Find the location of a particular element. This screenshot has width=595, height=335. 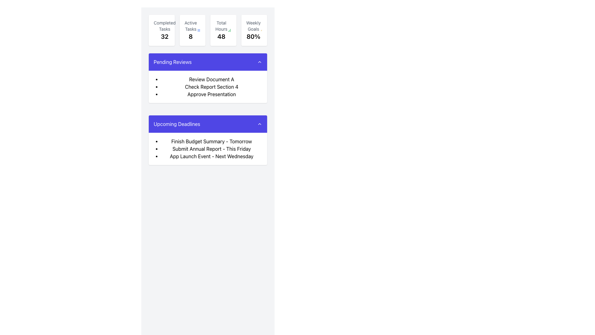

the 'Completed Tasks' label, which is styled with a small-sized gray font and is positioned at the top-left of a statistics section card is located at coordinates (165, 26).